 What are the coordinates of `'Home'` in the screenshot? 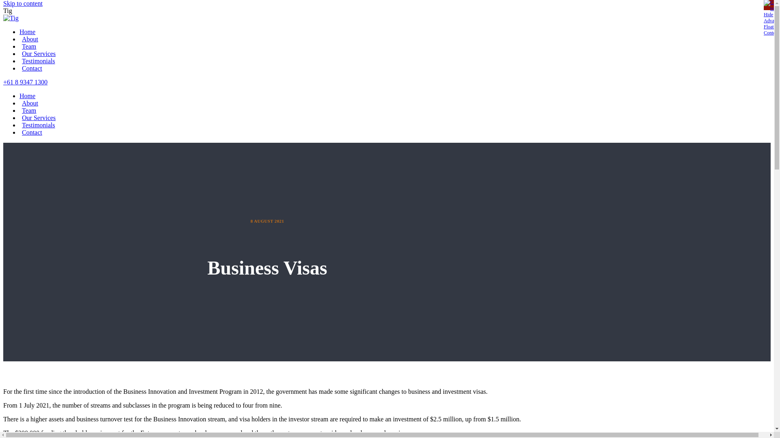 It's located at (27, 95).